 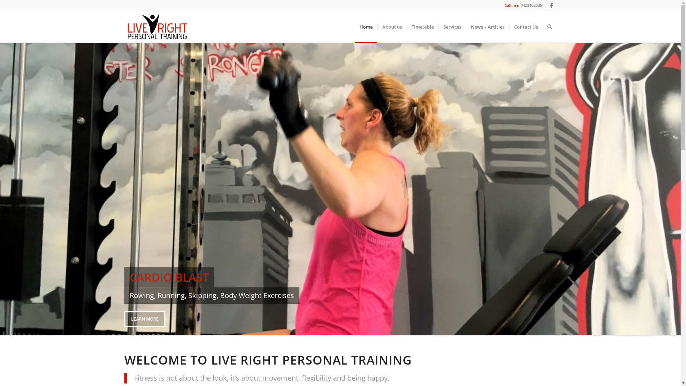 I want to click on 'Timetable', so click(x=422, y=26).